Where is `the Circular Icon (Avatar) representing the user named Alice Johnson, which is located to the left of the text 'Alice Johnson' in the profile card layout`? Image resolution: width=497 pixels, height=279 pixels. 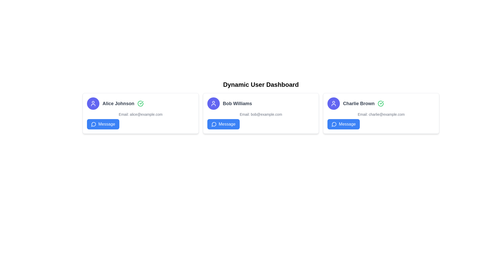 the Circular Icon (Avatar) representing the user named Alice Johnson, which is located to the left of the text 'Alice Johnson' in the profile card layout is located at coordinates (93, 104).